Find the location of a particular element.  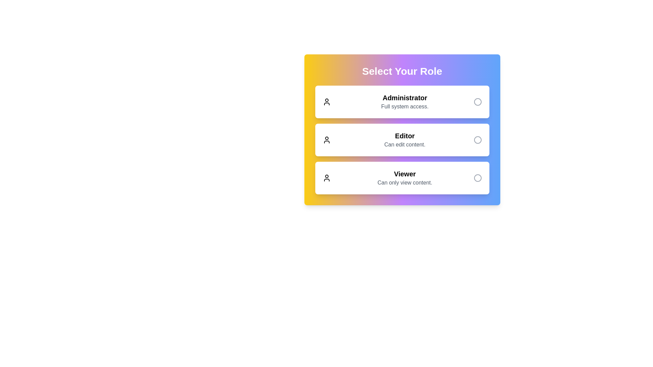

the user icon representing the 'Viewer' role, which is positioned to the left of the descriptive text for this role card in the vertical list of role cards is located at coordinates (326, 178).